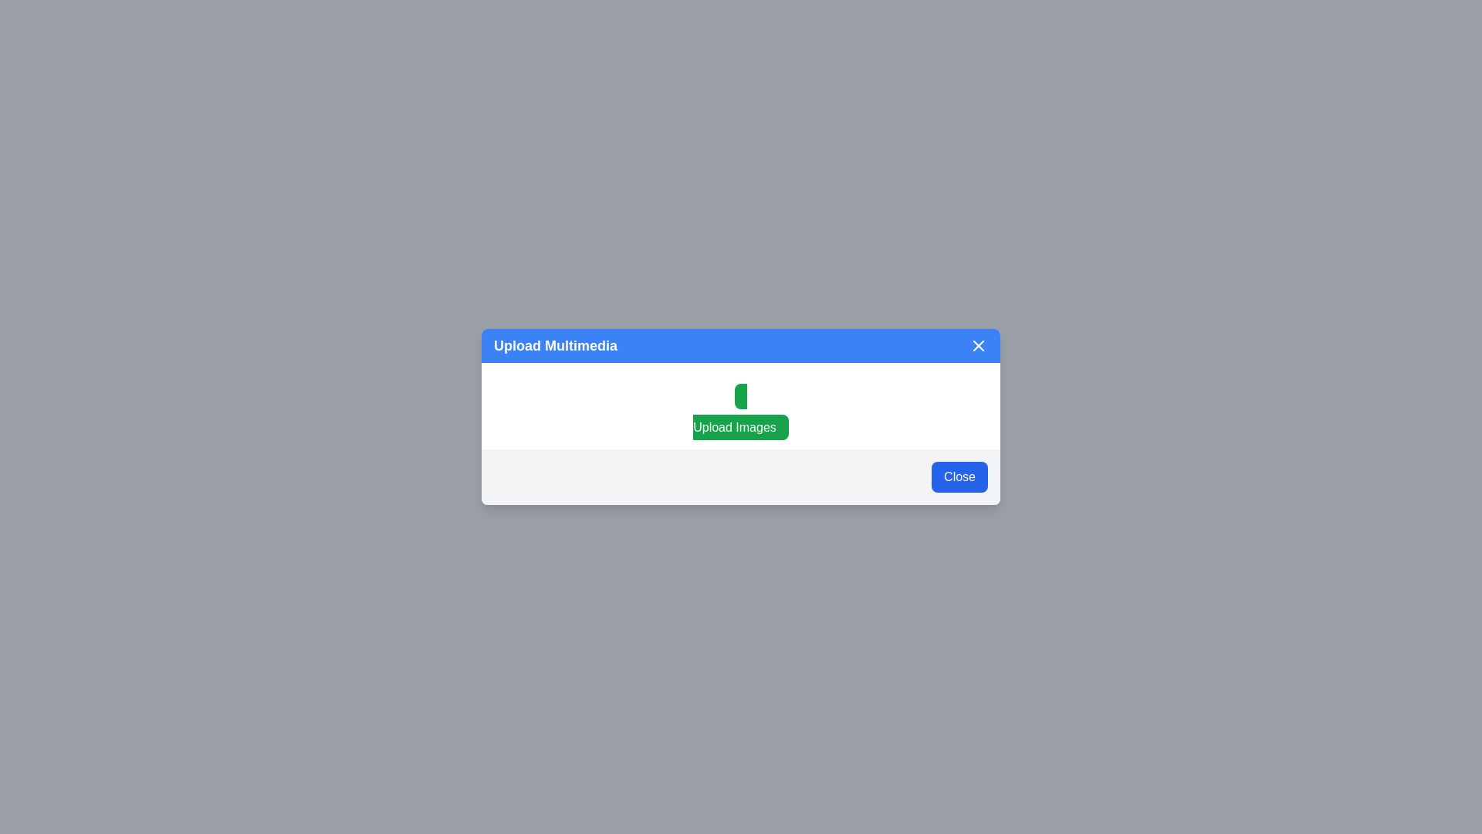  What do you see at coordinates (959, 476) in the screenshot?
I see `the closing button located in the lower-right corner of the modal dialog` at bounding box center [959, 476].